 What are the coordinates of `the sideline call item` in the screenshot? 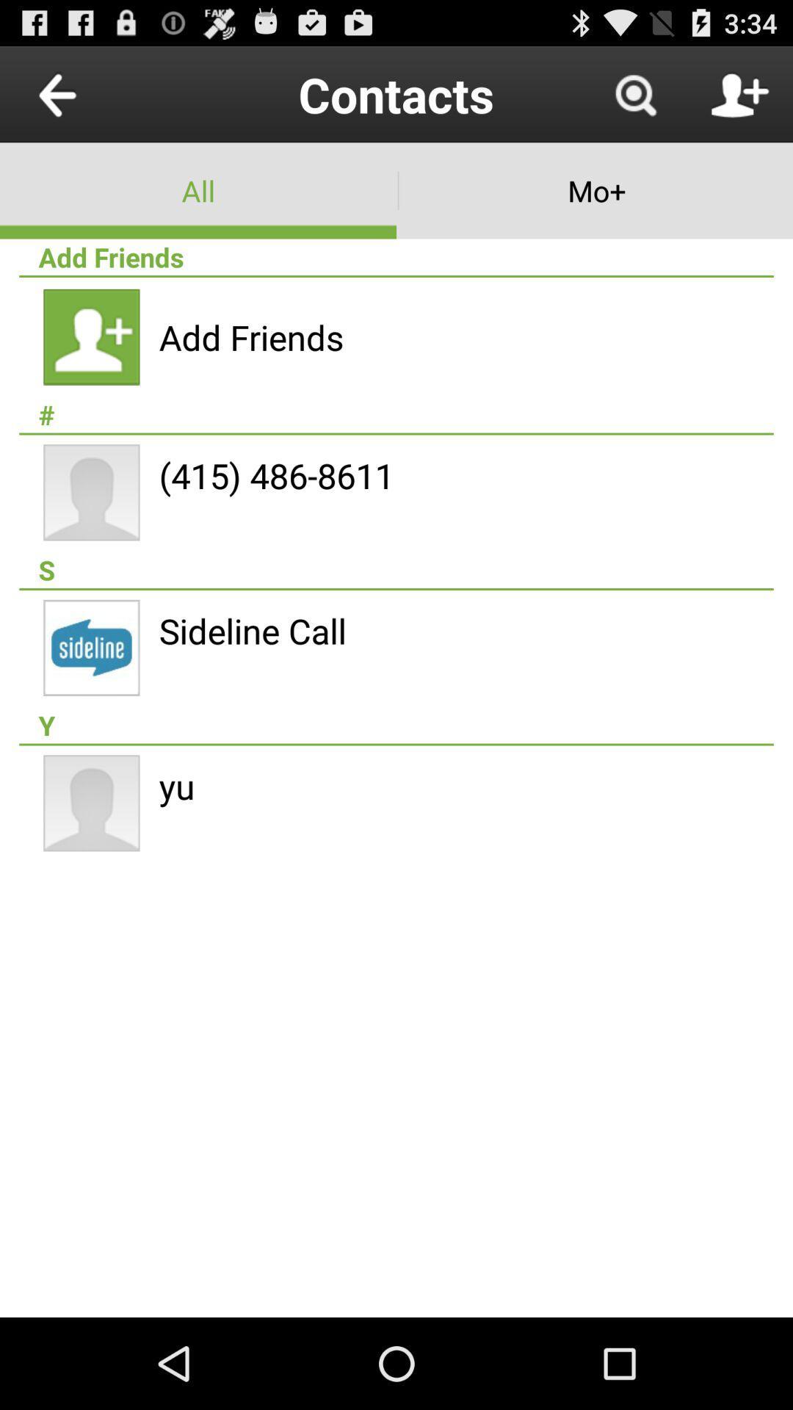 It's located at (252, 631).